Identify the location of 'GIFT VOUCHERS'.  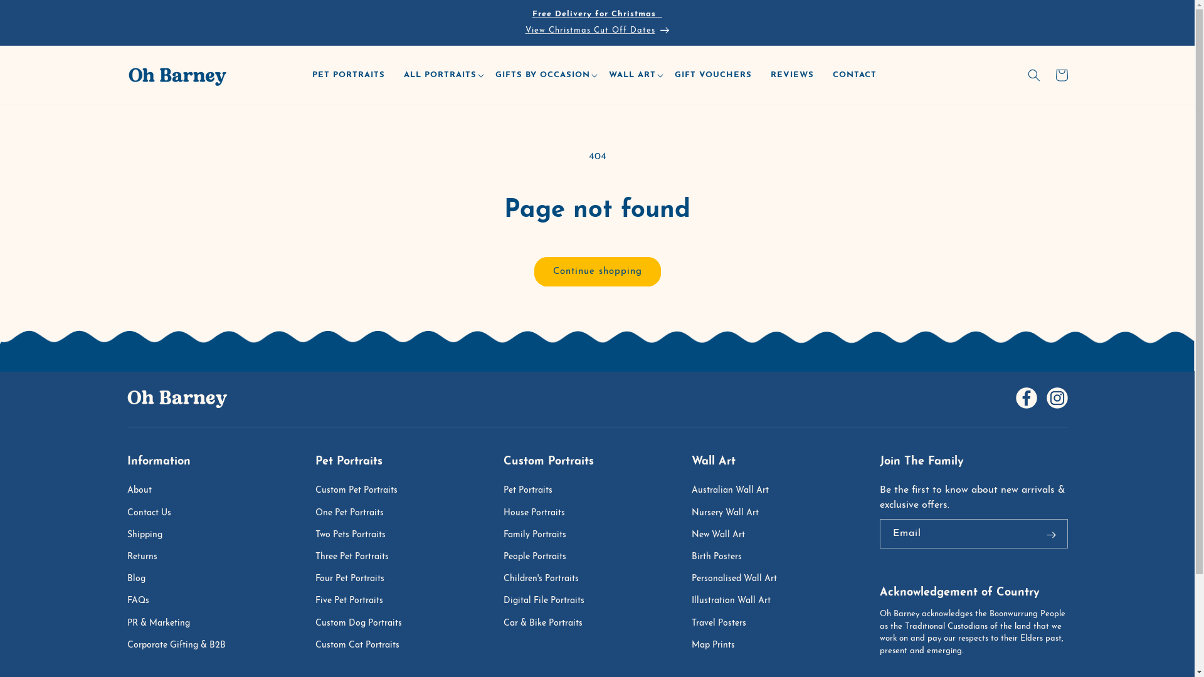
(716, 75).